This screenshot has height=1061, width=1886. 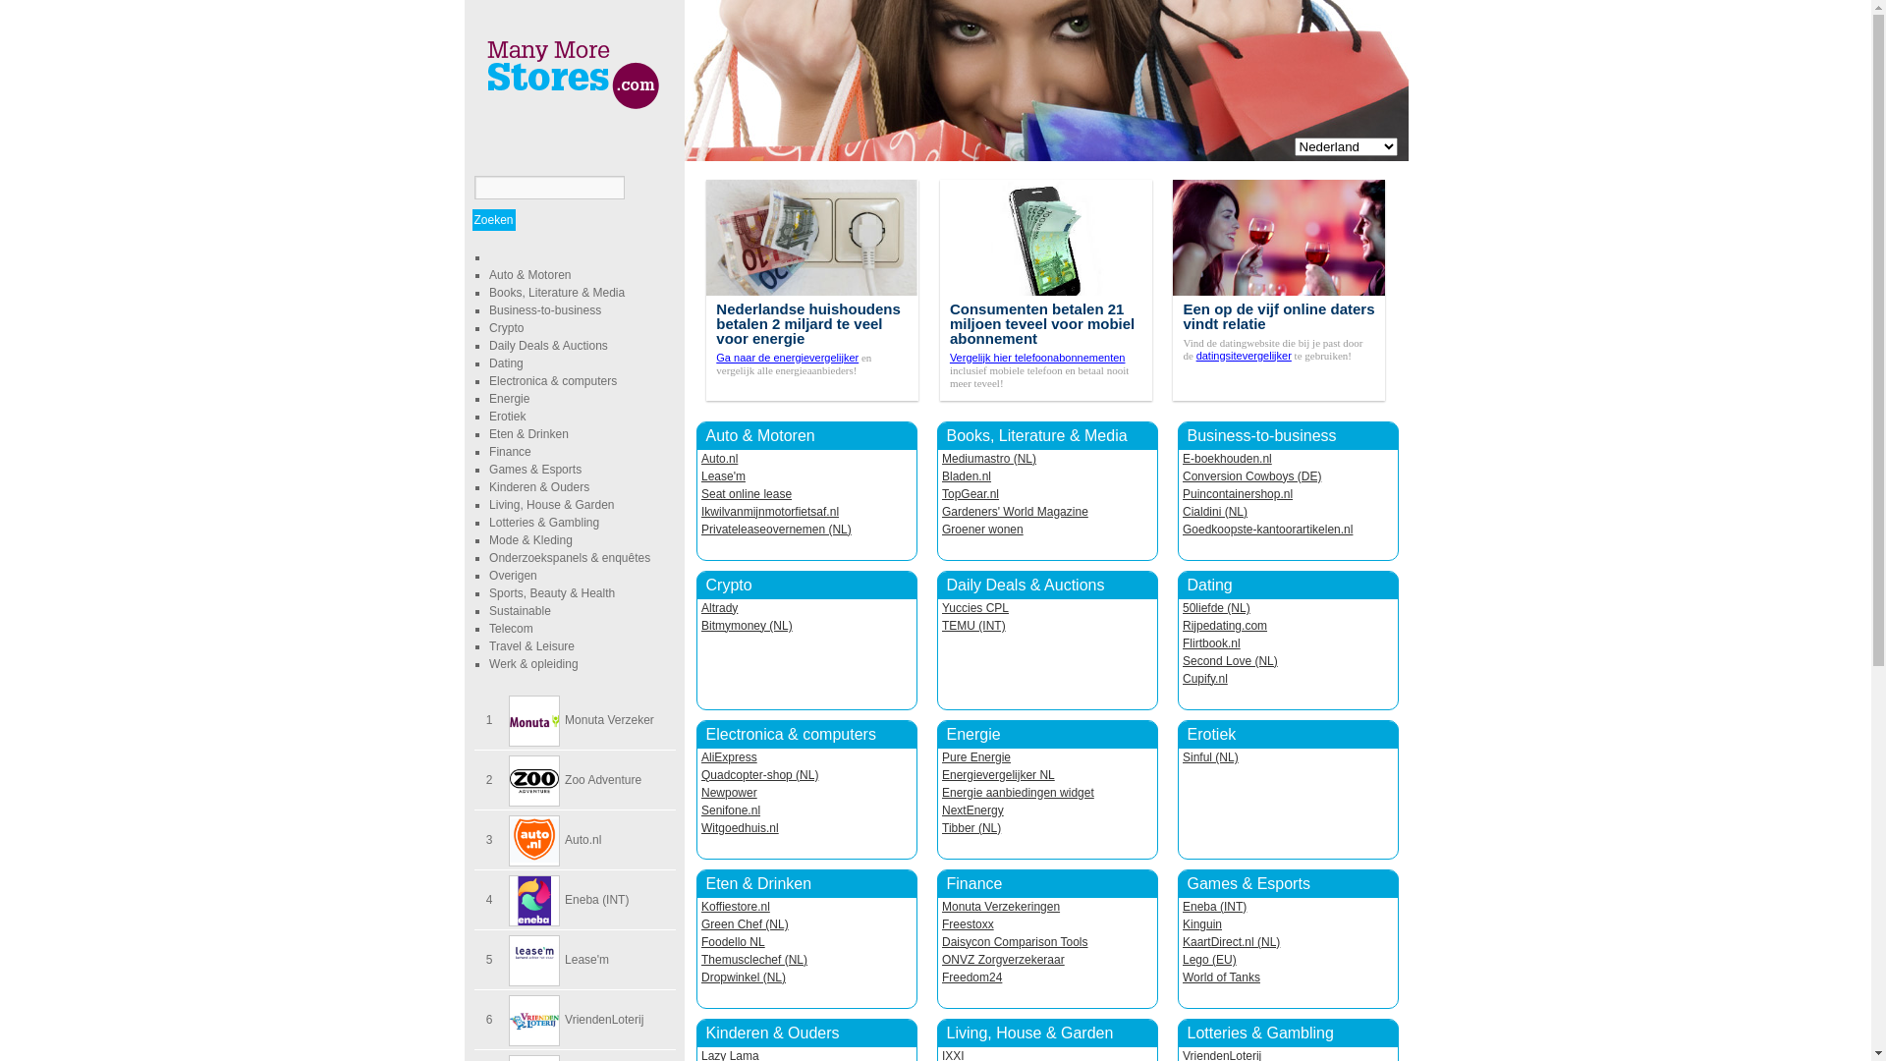 What do you see at coordinates (701, 476) in the screenshot?
I see `'Lease'm'` at bounding box center [701, 476].